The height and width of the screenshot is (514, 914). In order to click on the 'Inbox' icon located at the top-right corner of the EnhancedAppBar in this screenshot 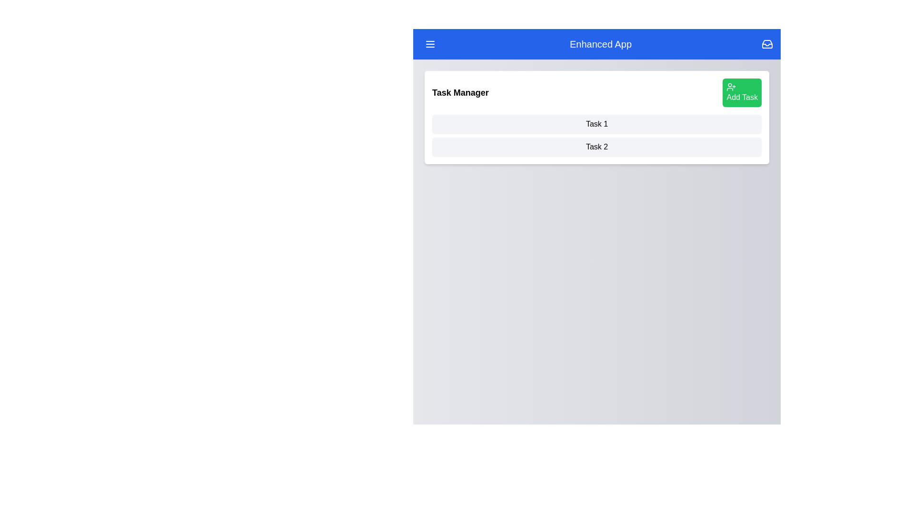, I will do `click(767, 44)`.